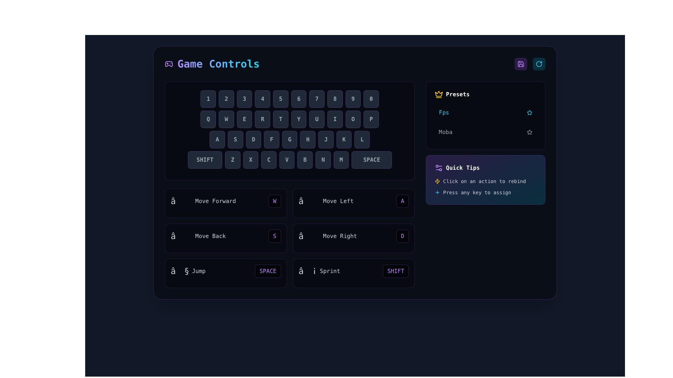  What do you see at coordinates (235, 139) in the screenshot?
I see `the 'S' key on the virtual keyboard, which is the second button in the row of 'ASDFGHJKL'` at bounding box center [235, 139].